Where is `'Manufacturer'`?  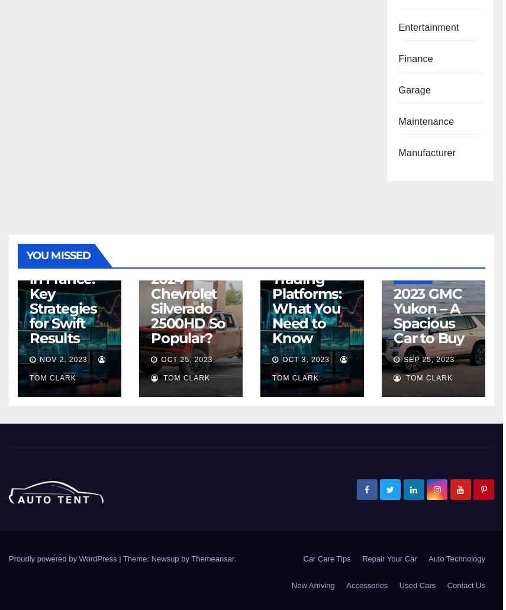 'Manufacturer' is located at coordinates (426, 153).